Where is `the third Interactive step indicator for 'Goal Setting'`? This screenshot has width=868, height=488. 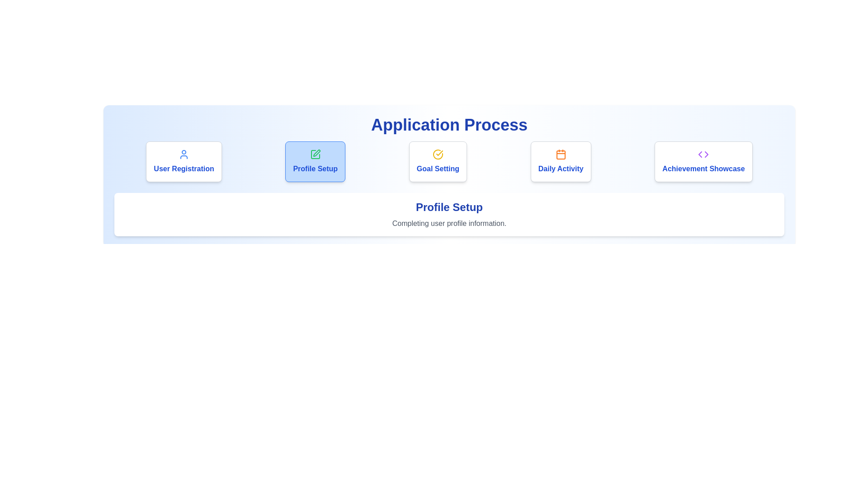 the third Interactive step indicator for 'Goal Setting' is located at coordinates (449, 161).